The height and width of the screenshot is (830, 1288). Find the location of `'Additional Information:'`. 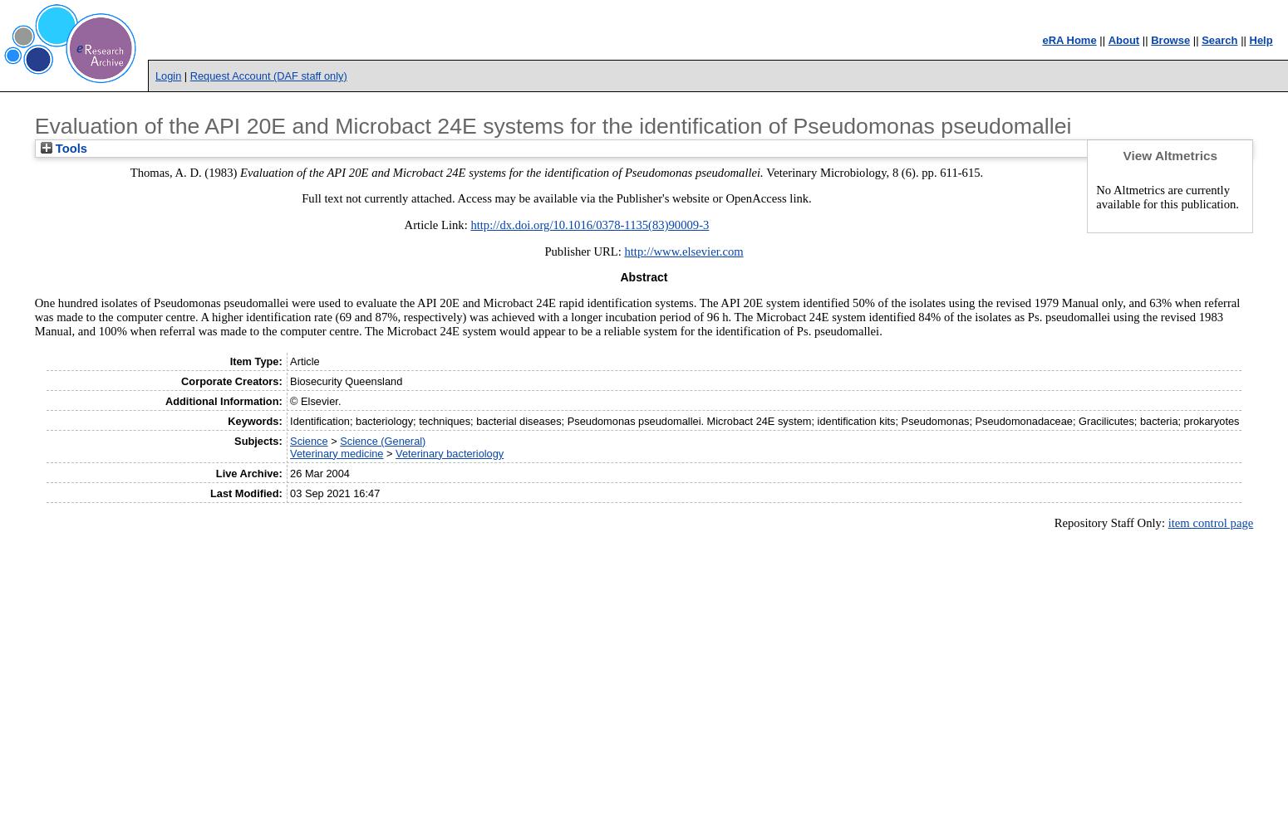

'Additional Information:' is located at coordinates (223, 399).